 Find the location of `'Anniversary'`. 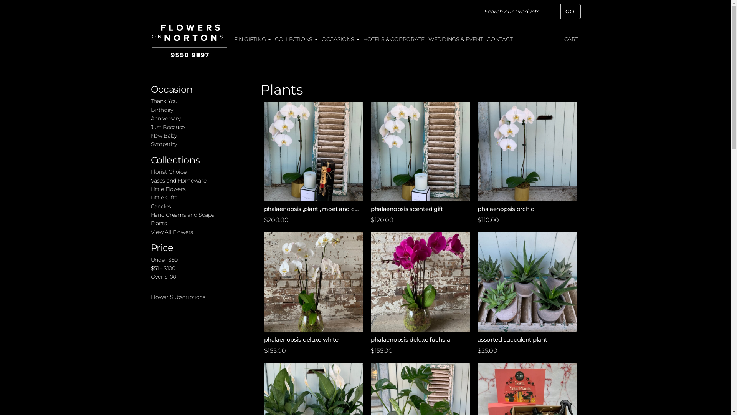

'Anniversary' is located at coordinates (165, 118).